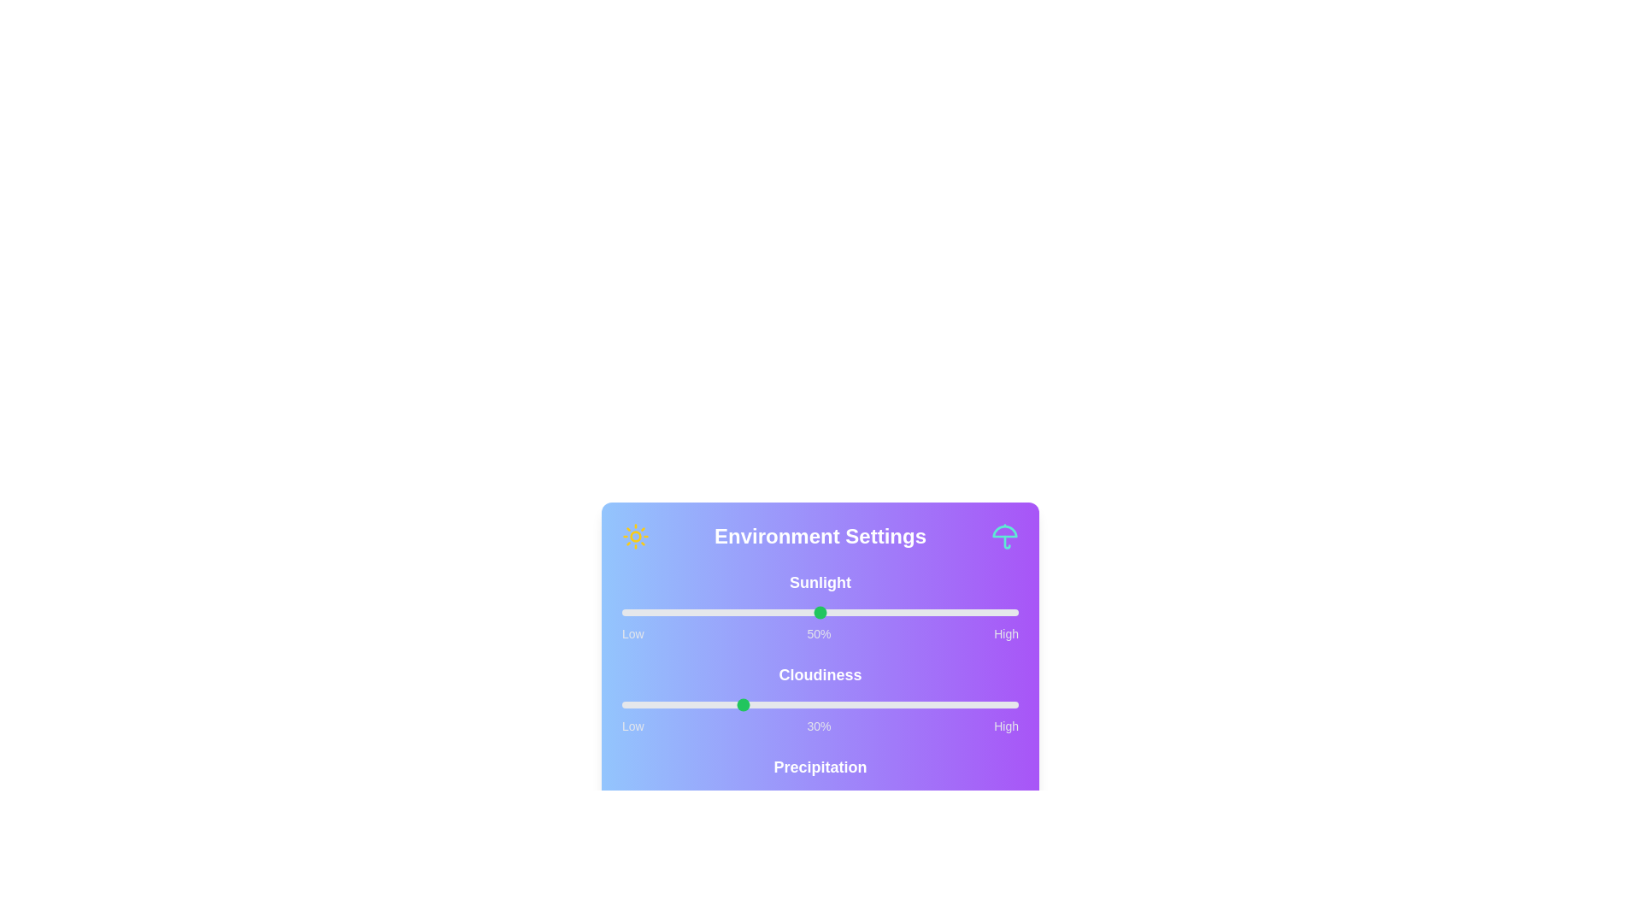 The height and width of the screenshot is (923, 1641). Describe the element at coordinates (676, 612) in the screenshot. I see `the sunlight slider to 14%` at that location.